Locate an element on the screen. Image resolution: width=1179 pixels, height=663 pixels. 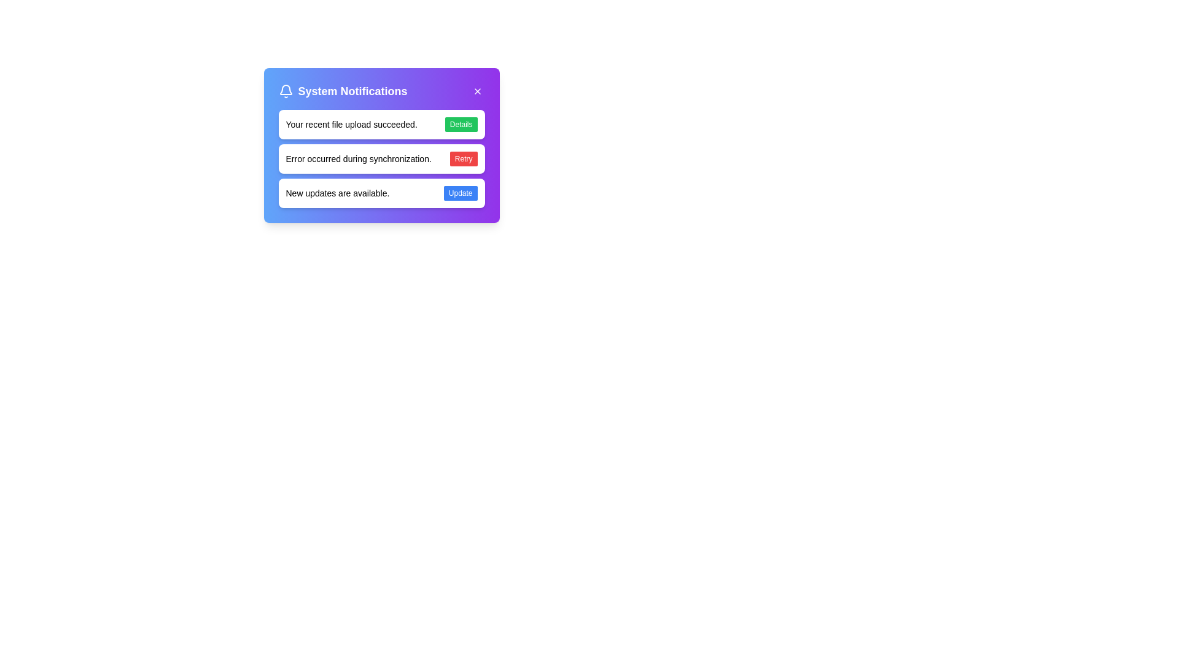
the 'Details' button with a green background located in the 'Your recent file upload succeeded.' notification is located at coordinates (461, 125).